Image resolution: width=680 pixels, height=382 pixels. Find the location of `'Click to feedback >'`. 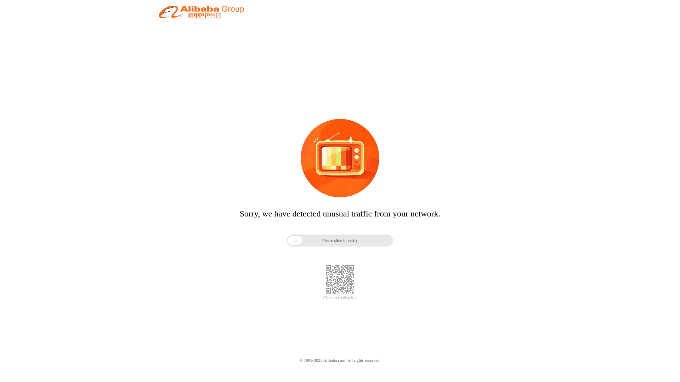

'Click to feedback >' is located at coordinates (340, 298).